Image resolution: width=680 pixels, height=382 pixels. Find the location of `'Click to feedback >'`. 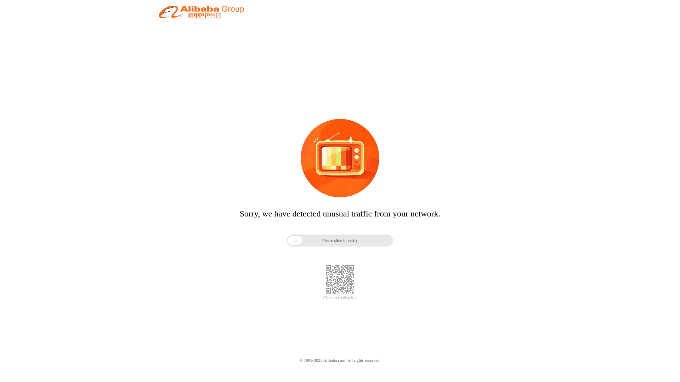

'Click to feedback >' is located at coordinates (340, 298).